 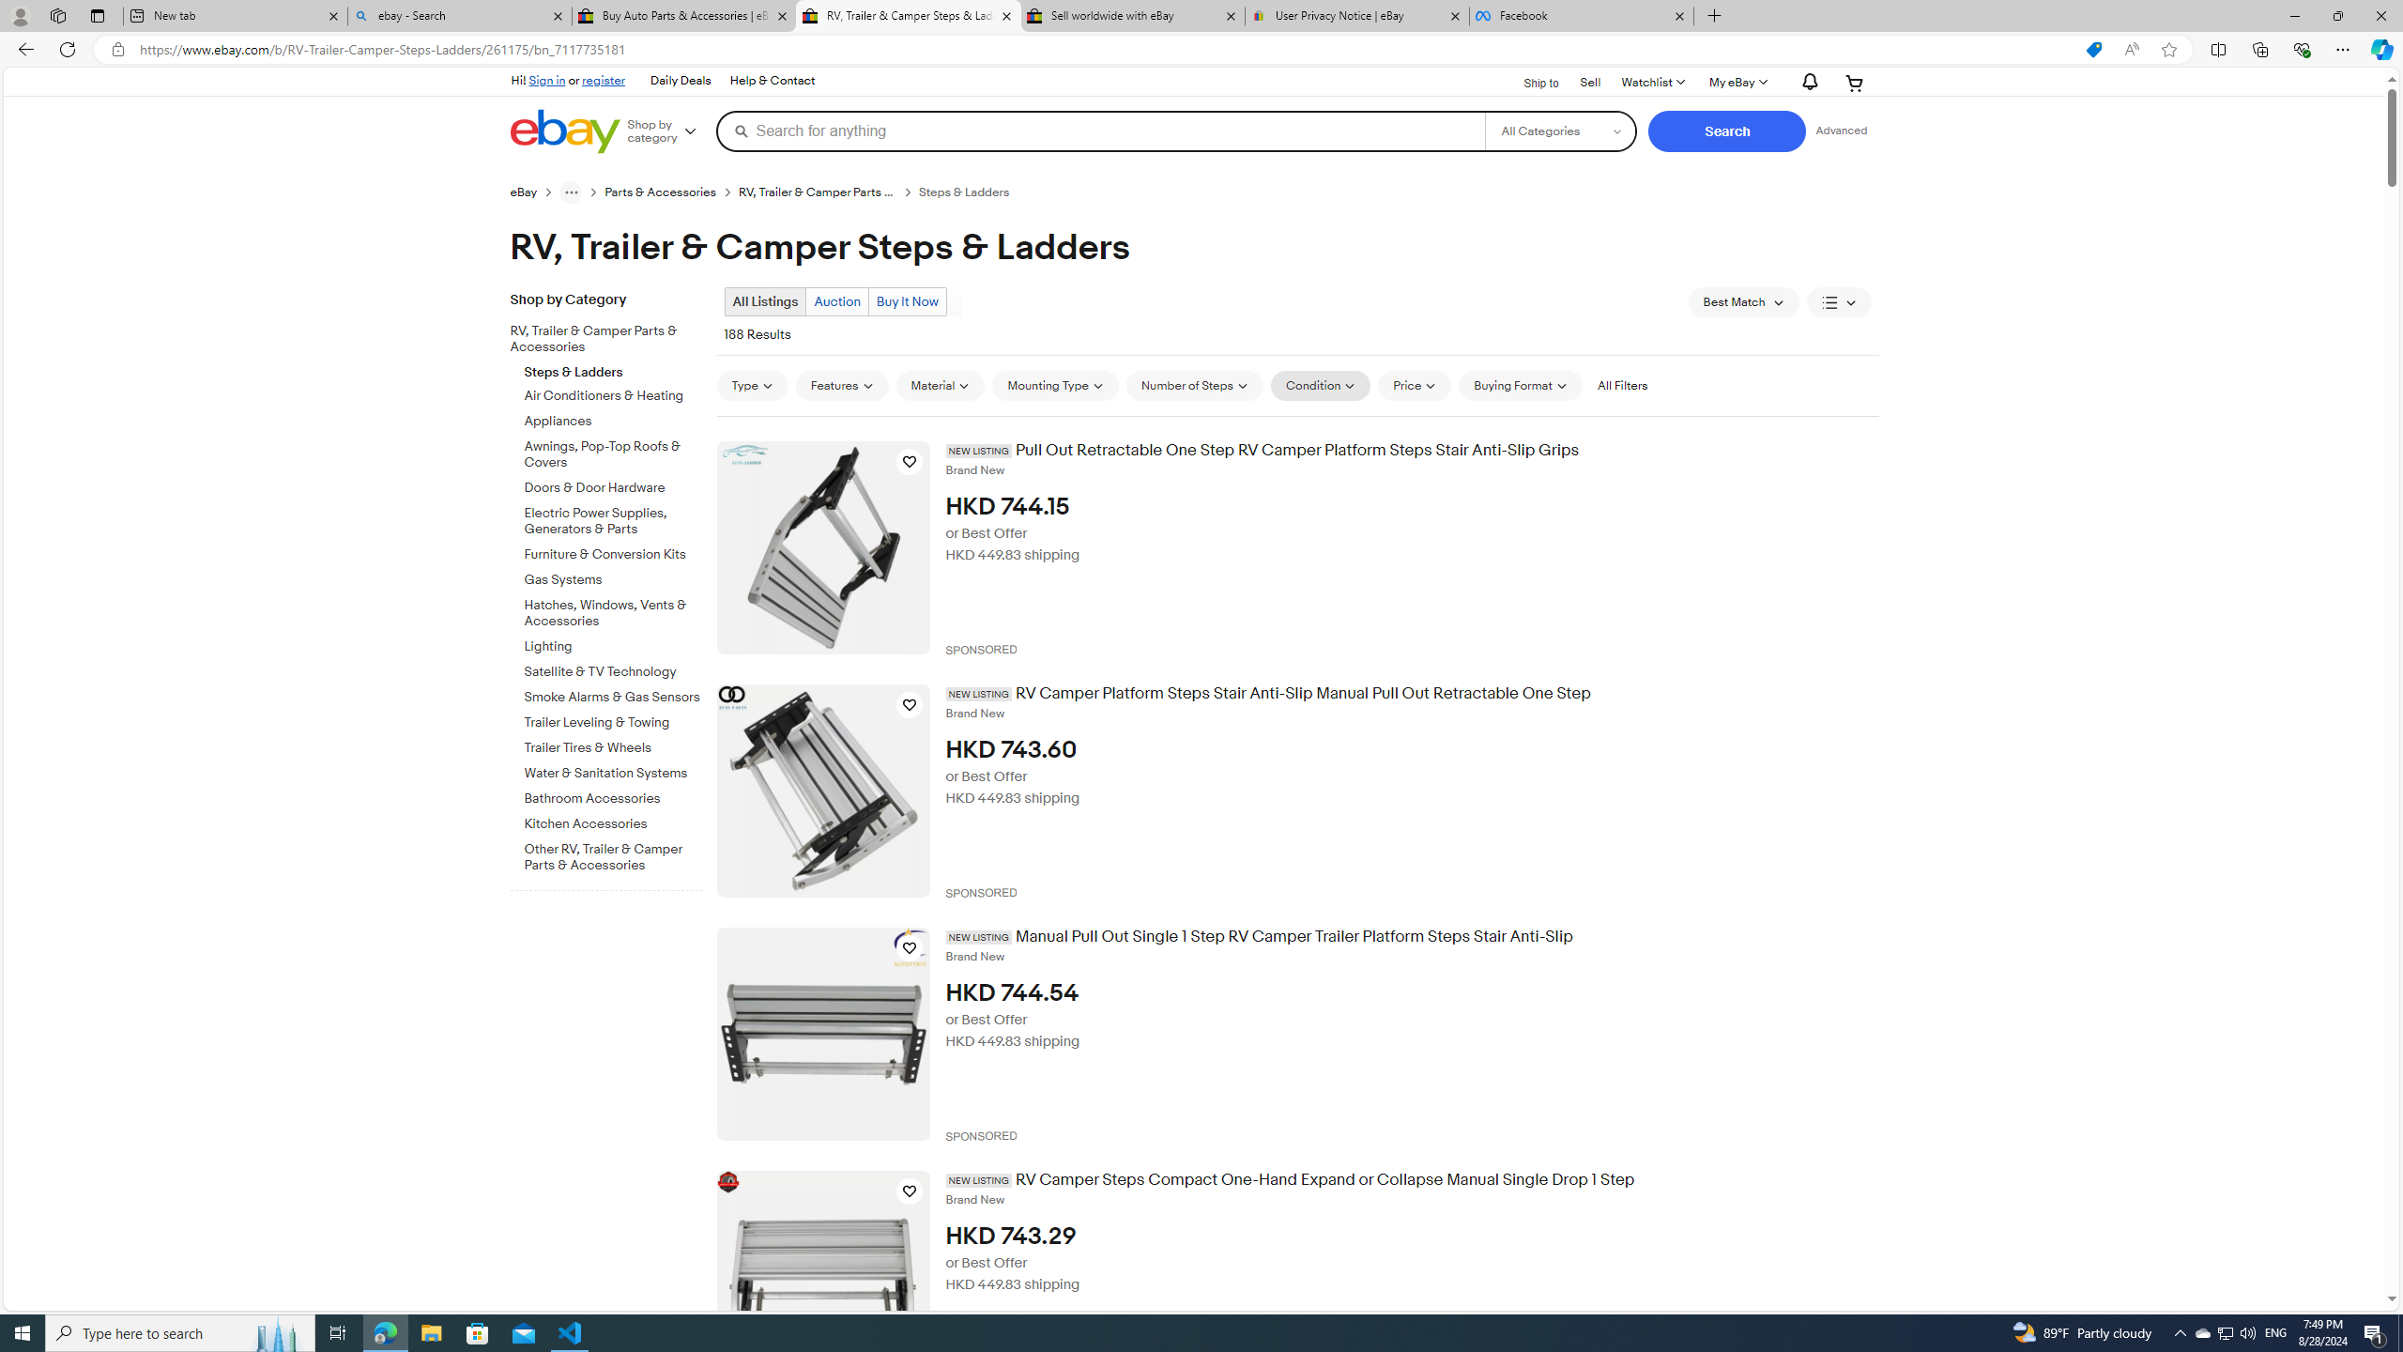 I want to click on 'Water & Sanitation Systems', so click(x=613, y=773).